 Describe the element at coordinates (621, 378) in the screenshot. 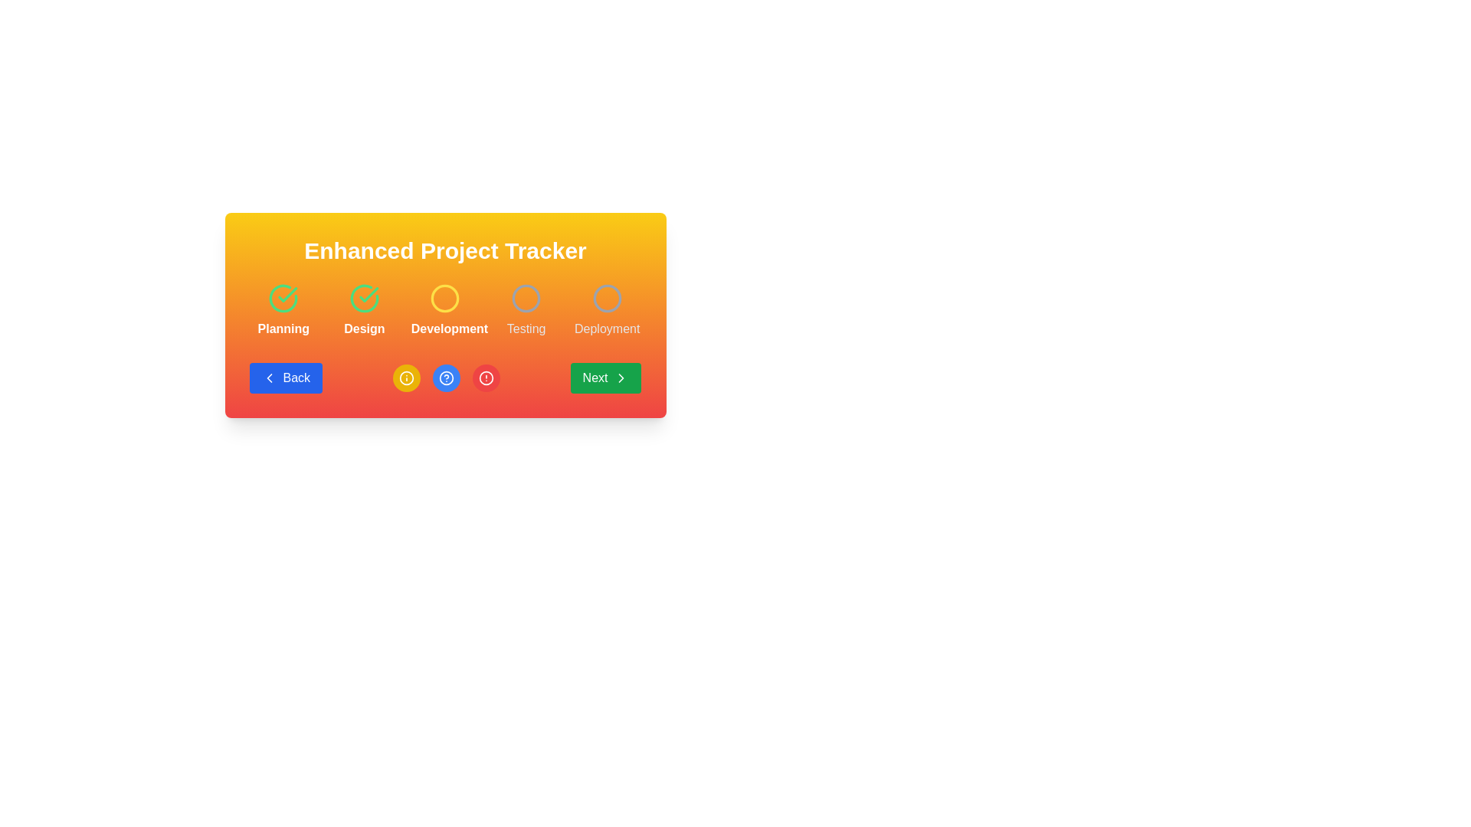

I see `the right-pointing chevron icon located within the green rounded 'Next' button in the bottom-right corner of the card` at that location.